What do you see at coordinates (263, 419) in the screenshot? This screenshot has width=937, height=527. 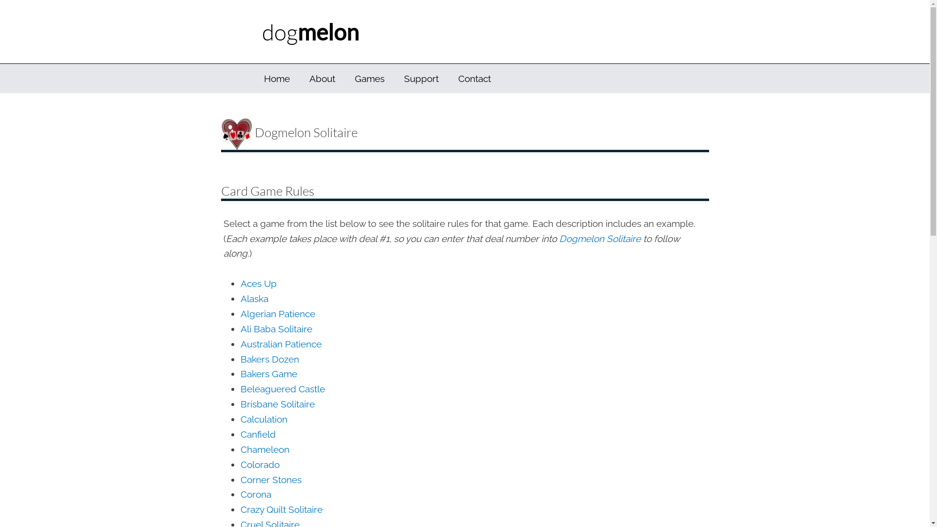 I see `'Calculation'` at bounding box center [263, 419].